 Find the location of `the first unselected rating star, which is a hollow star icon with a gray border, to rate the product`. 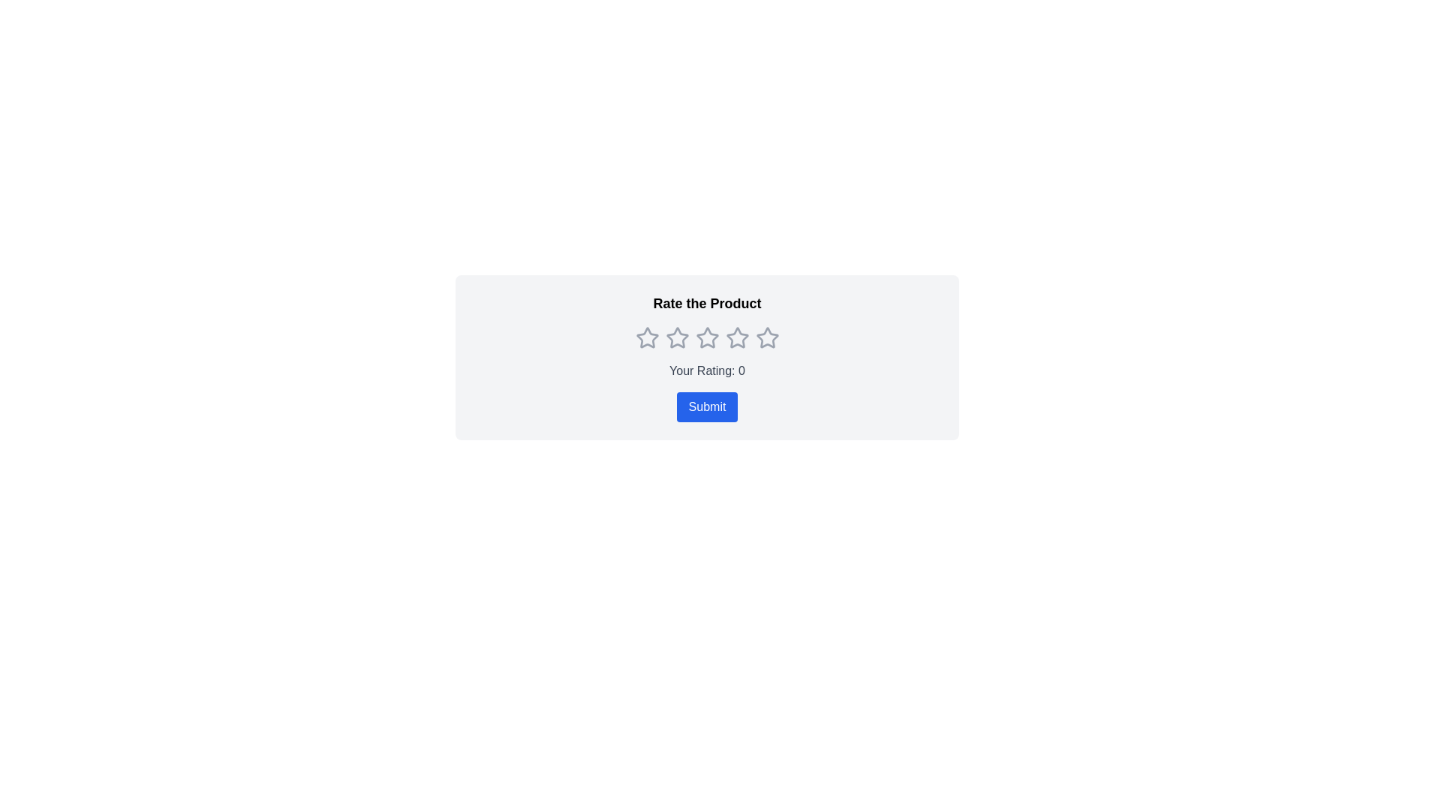

the first unselected rating star, which is a hollow star icon with a gray border, to rate the product is located at coordinates (647, 338).